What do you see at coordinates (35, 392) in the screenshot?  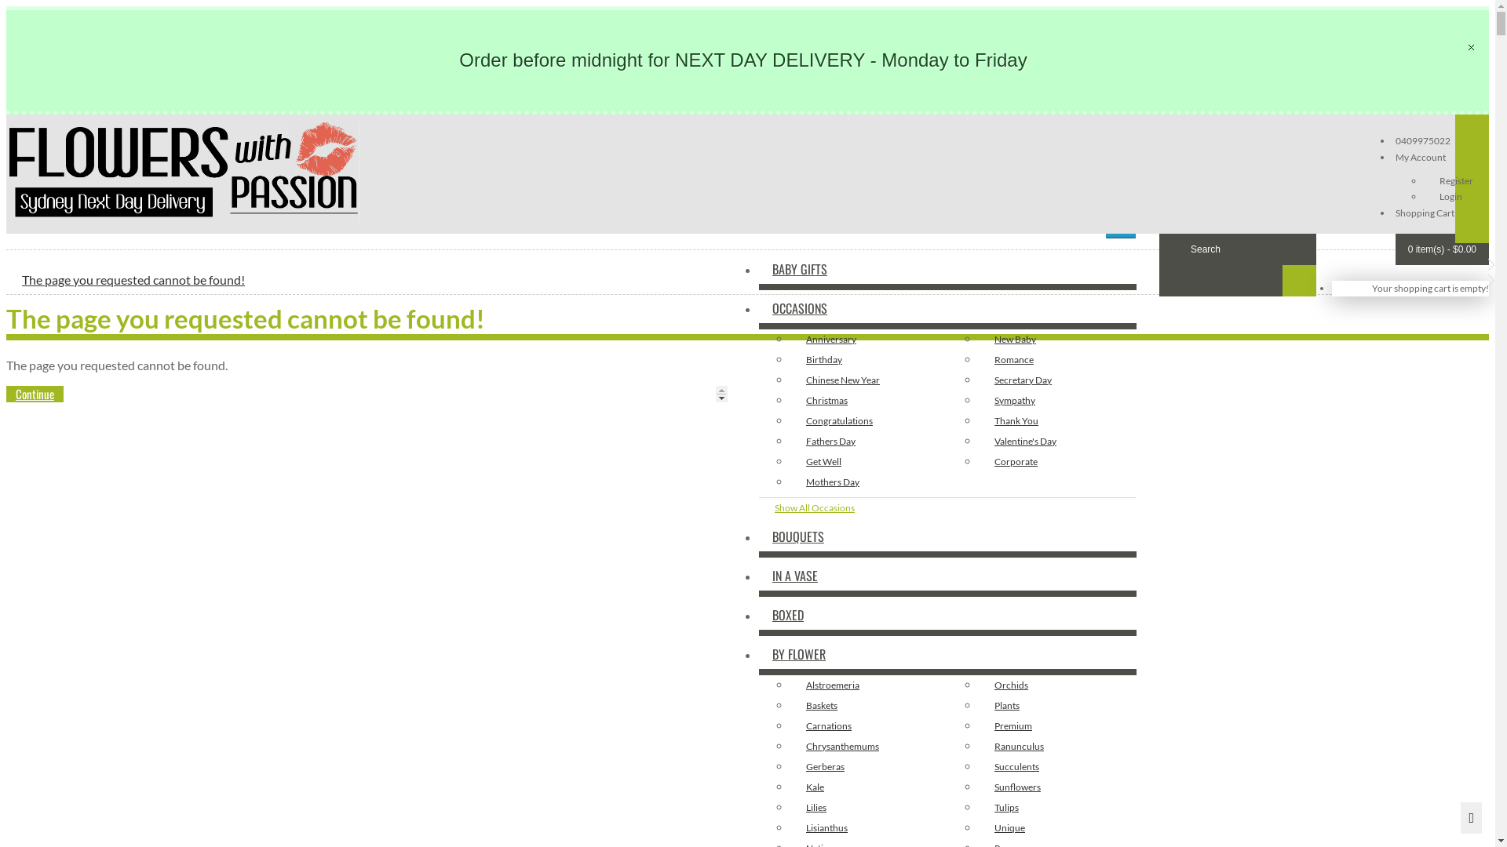 I see `'Continue'` at bounding box center [35, 392].